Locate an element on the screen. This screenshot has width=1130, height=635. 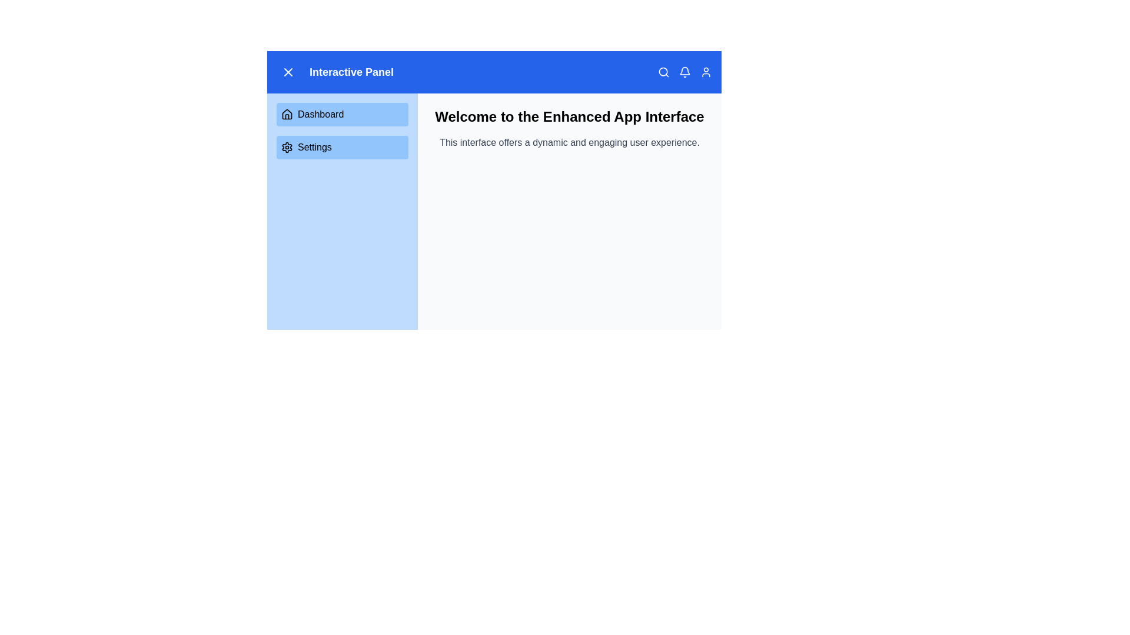
the house-shaped icon in the navigation menu on the left side is located at coordinates (287, 115).